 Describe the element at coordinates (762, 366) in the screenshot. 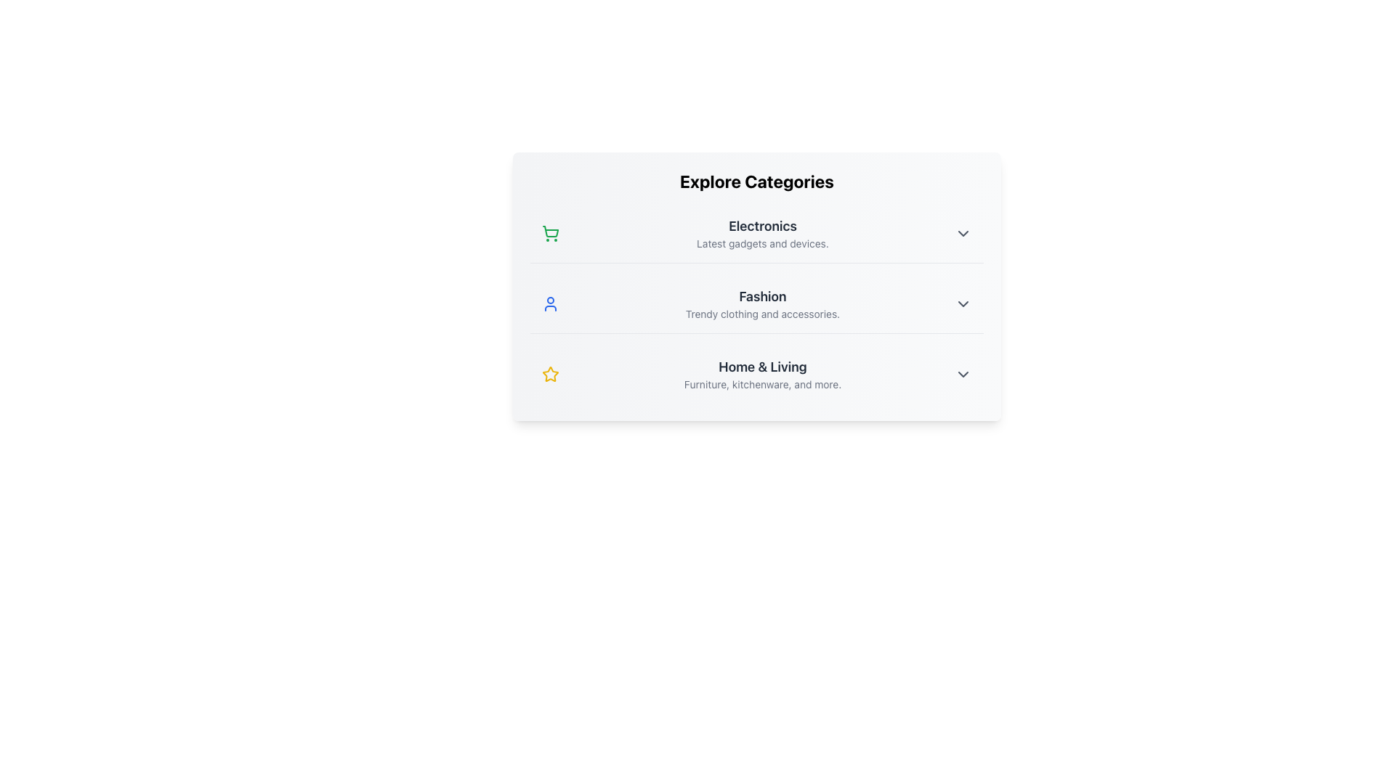

I see `the 'Home & Living' text label, which is prominently displayed in bold and dark gray, located in the central portion of the interface within the third category section under 'Explore Categories'` at that location.